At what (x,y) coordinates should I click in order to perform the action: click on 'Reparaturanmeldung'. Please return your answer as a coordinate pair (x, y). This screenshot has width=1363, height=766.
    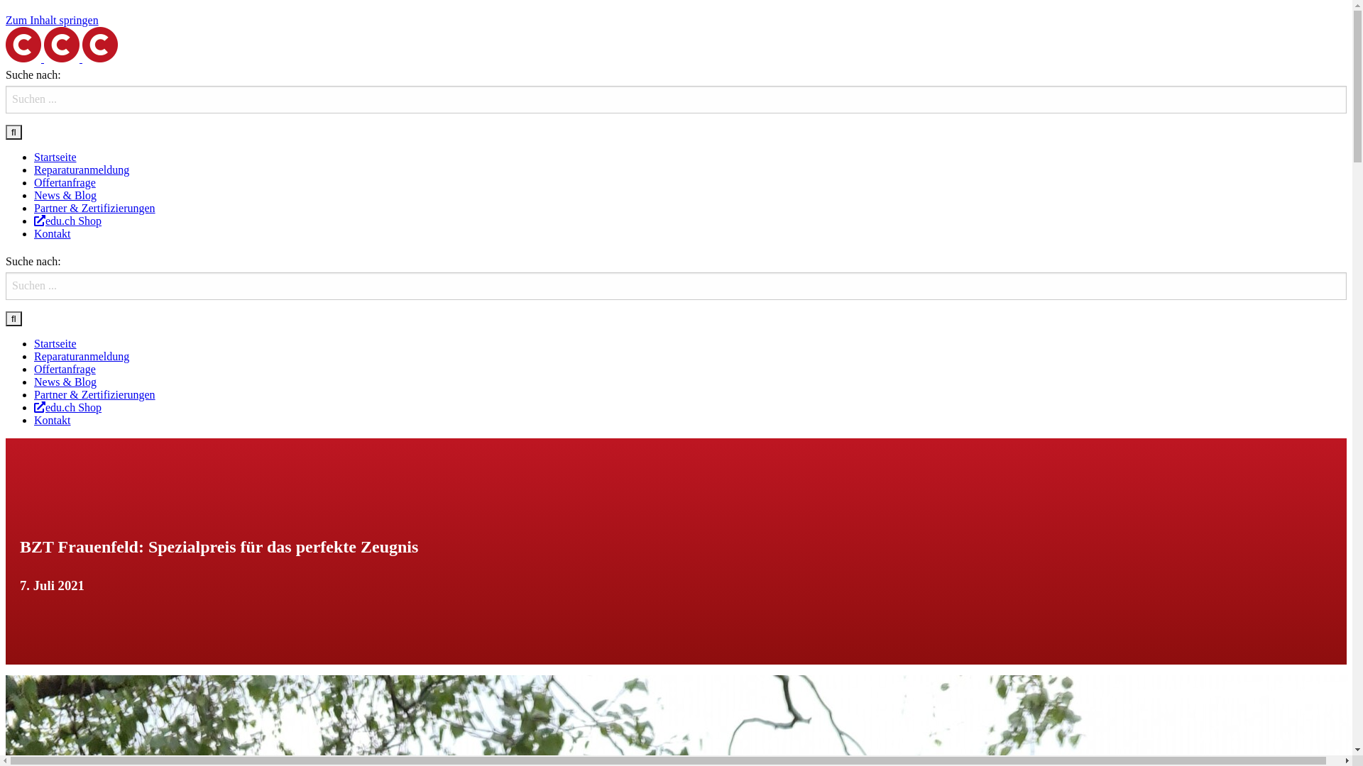
    Looking at the image, I should click on (81, 355).